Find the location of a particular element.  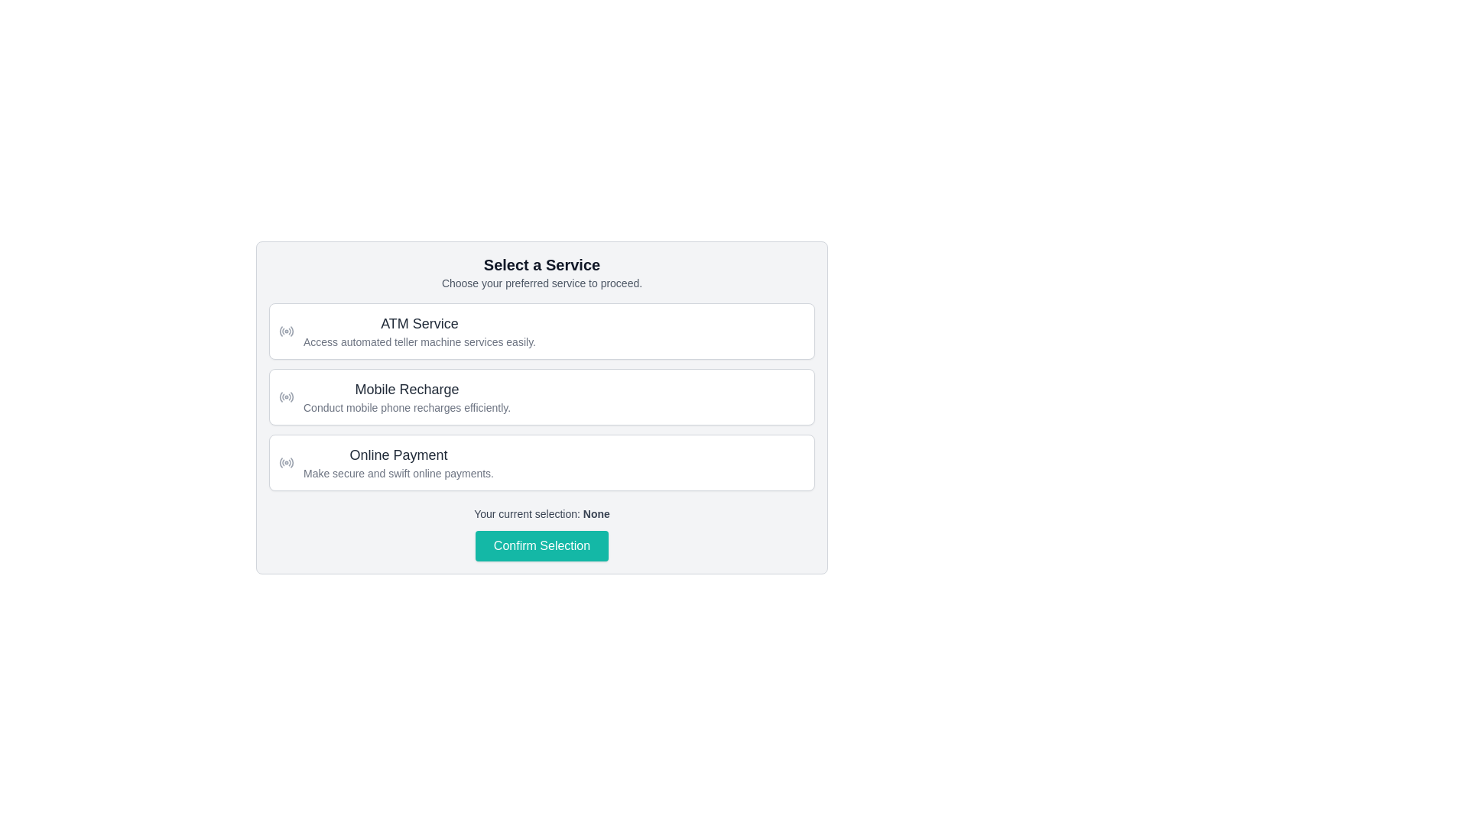

the area around the 'ATM Service' text label by is located at coordinates (419, 323).